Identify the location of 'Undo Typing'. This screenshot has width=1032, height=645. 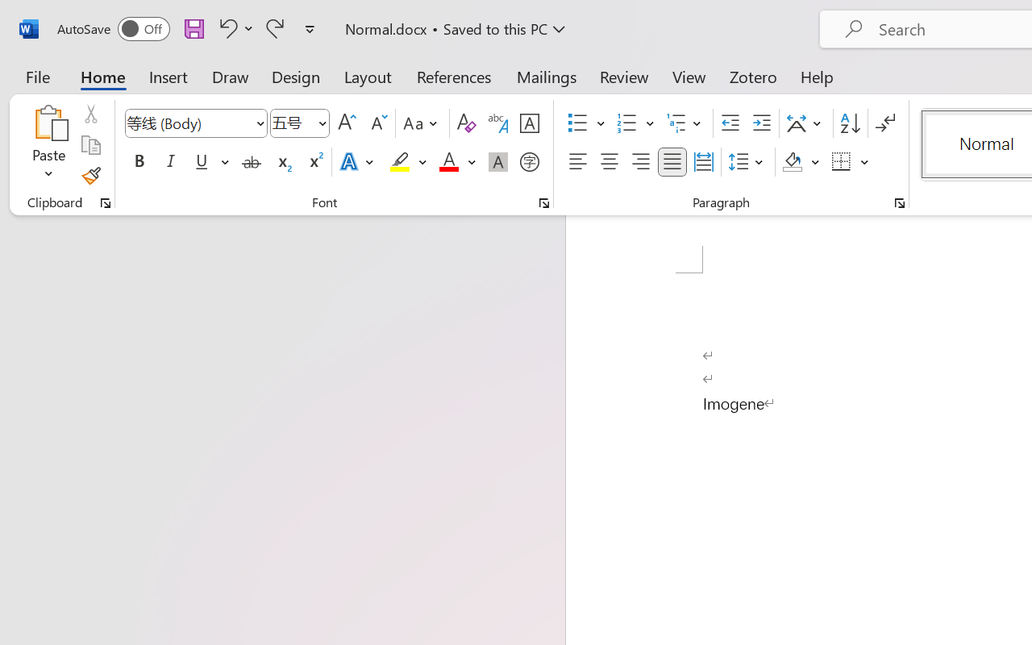
(233, 27).